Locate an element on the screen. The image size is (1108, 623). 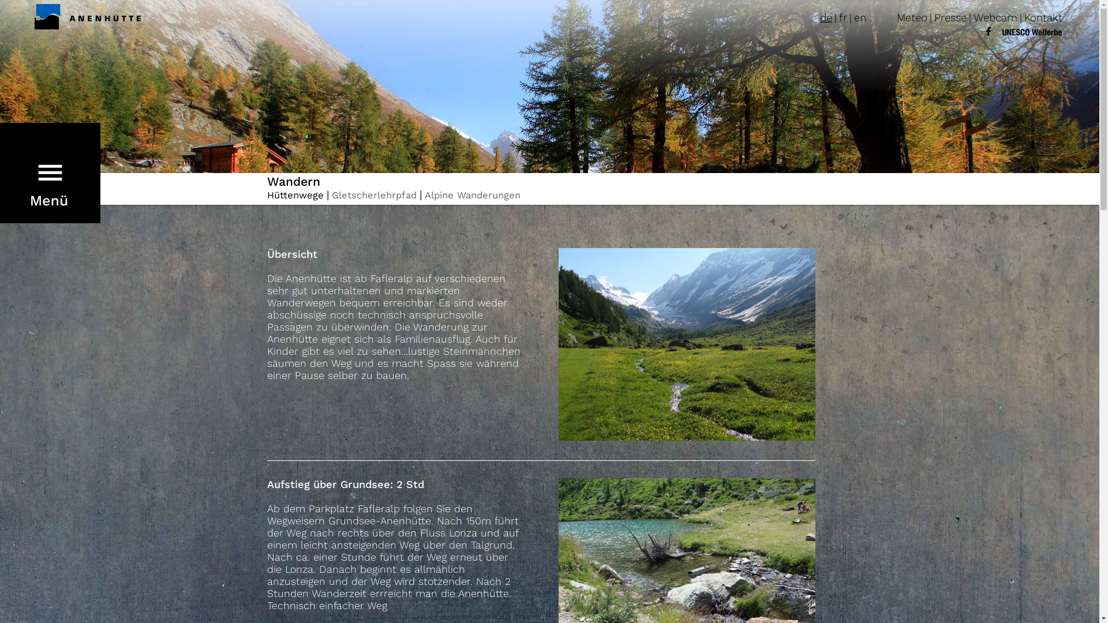
'en' is located at coordinates (854, 17).